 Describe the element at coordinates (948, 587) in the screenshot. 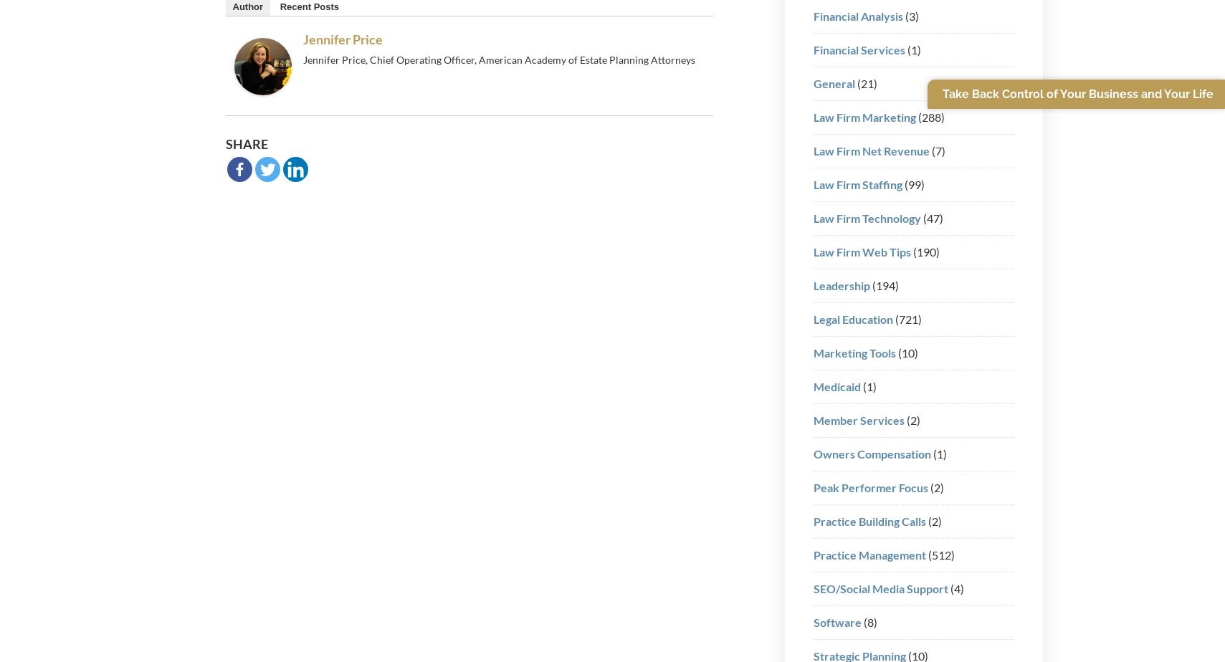

I see `'(4)'` at that location.